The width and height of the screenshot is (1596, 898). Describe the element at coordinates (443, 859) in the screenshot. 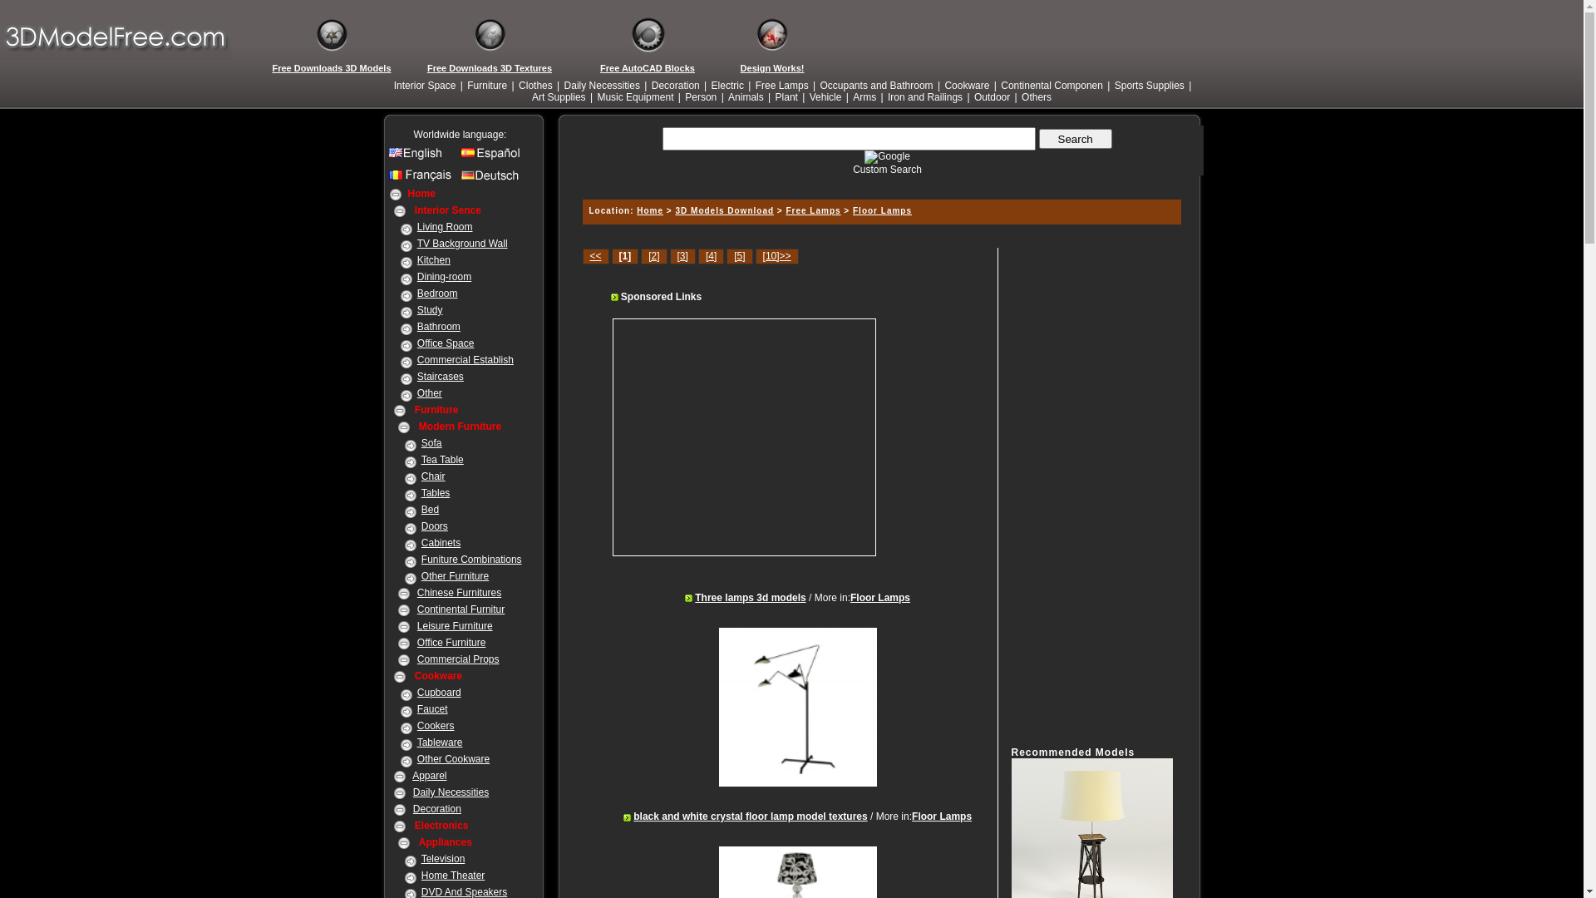

I see `'Television'` at that location.